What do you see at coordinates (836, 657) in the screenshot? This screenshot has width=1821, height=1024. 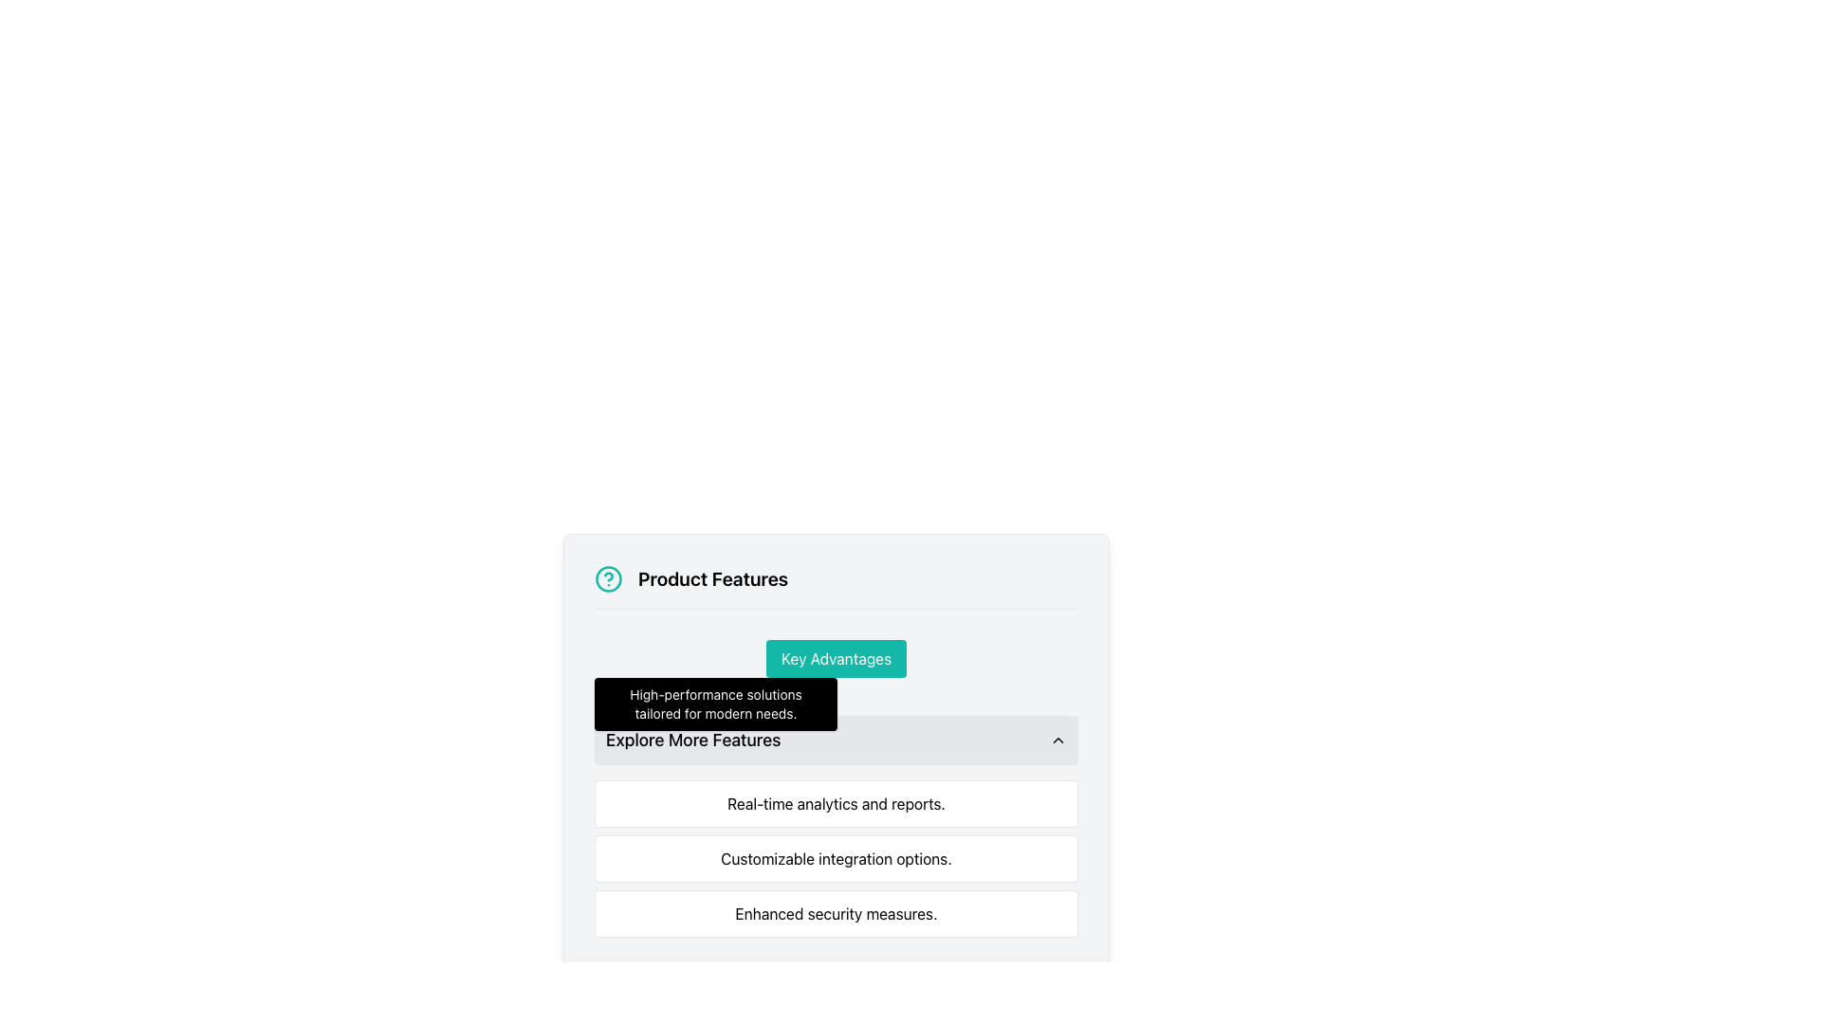 I see `the 'Key Advantages' button with a teal background located within the 'Product Features' section to trigger the hover effect` at bounding box center [836, 657].